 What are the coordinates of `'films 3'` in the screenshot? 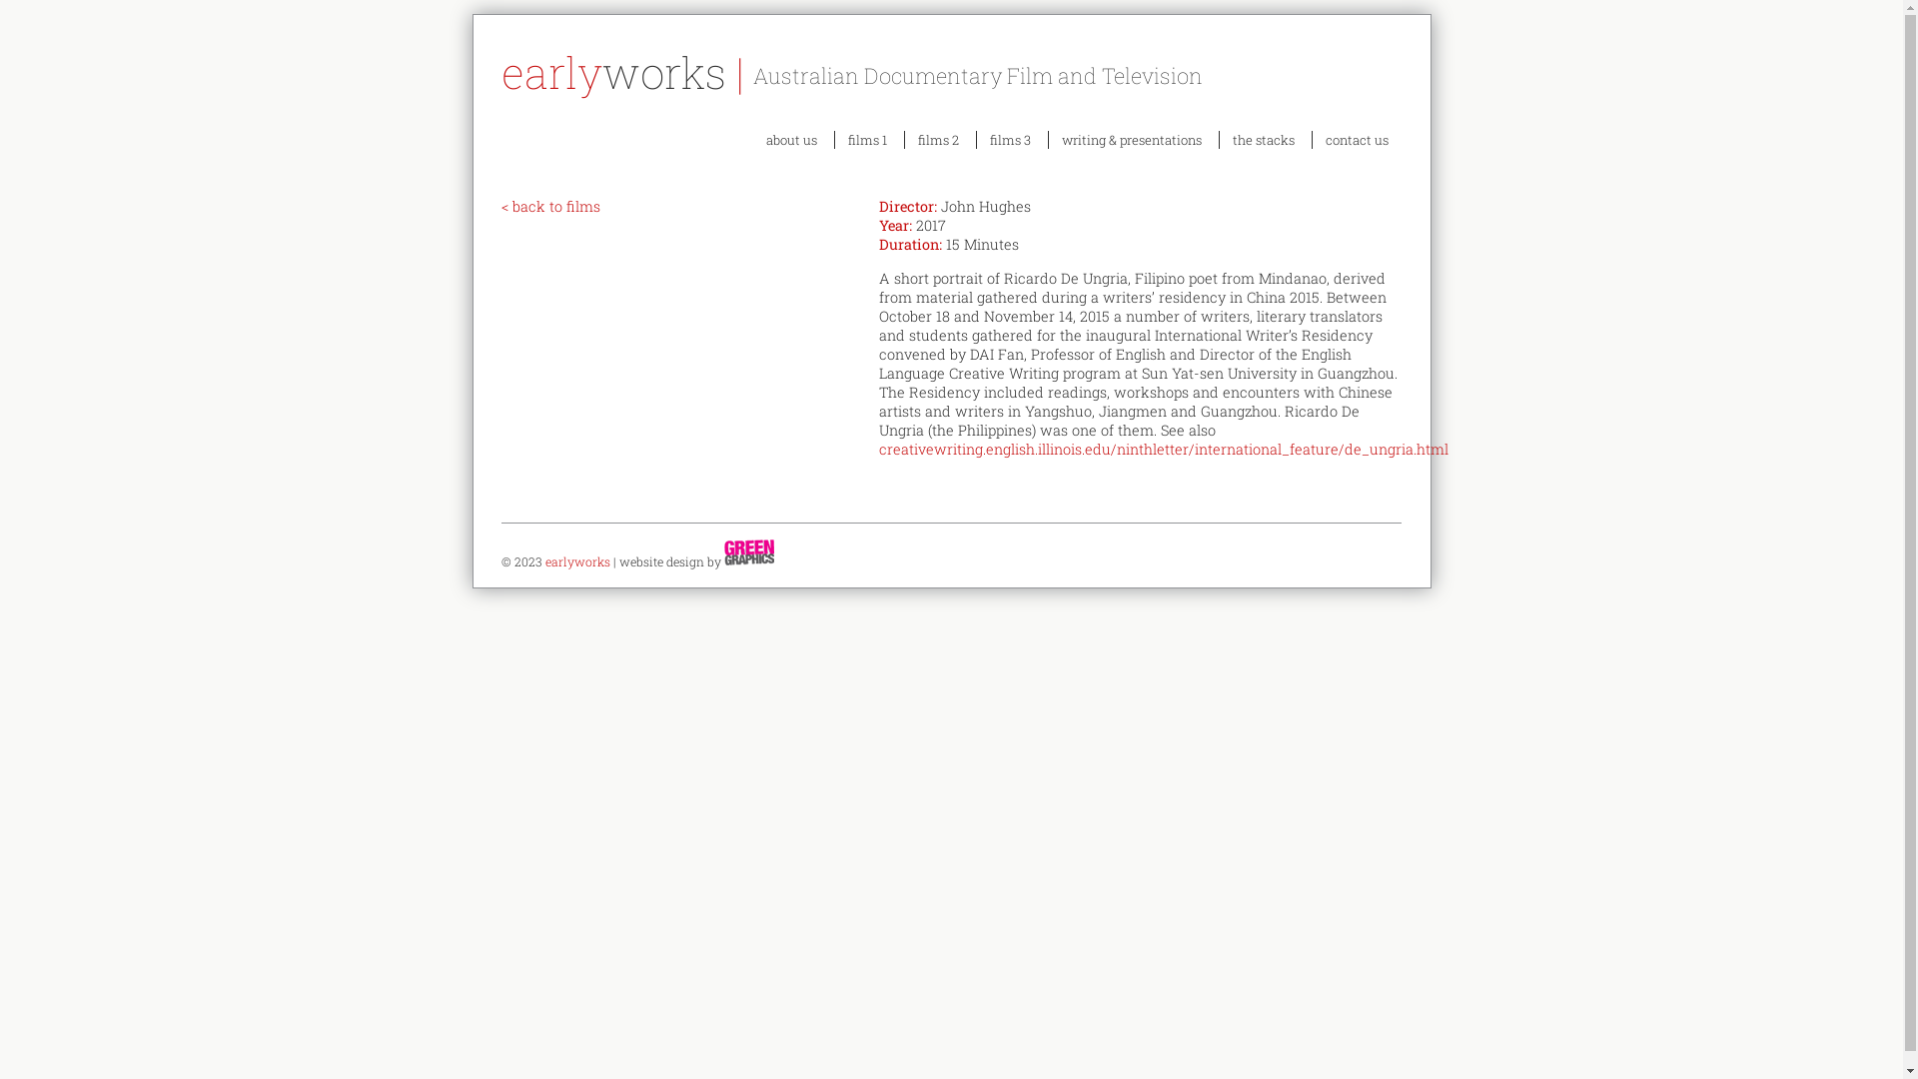 It's located at (1010, 138).